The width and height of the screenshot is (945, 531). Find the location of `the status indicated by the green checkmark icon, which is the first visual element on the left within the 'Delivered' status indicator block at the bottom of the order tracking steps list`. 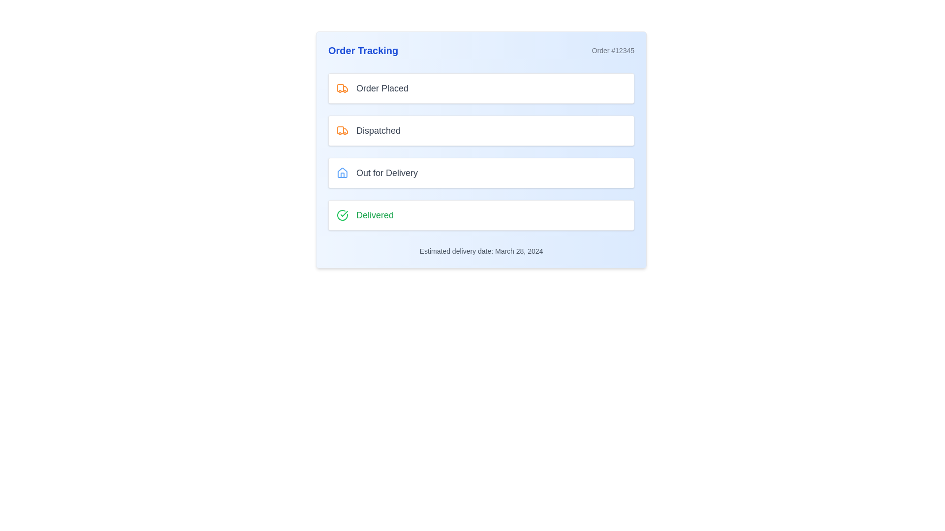

the status indicated by the green checkmark icon, which is the first visual element on the left within the 'Delivered' status indicator block at the bottom of the order tracking steps list is located at coordinates (343, 215).